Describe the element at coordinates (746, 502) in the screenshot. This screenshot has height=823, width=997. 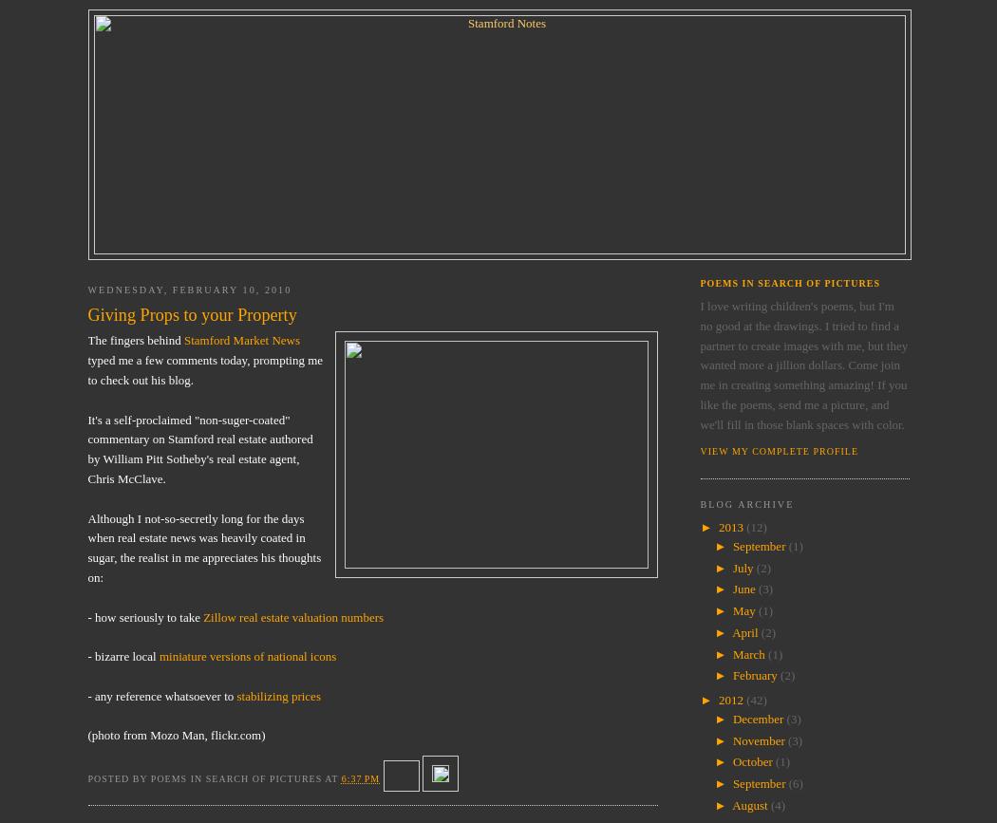
I see `'Blog Archive'` at that location.